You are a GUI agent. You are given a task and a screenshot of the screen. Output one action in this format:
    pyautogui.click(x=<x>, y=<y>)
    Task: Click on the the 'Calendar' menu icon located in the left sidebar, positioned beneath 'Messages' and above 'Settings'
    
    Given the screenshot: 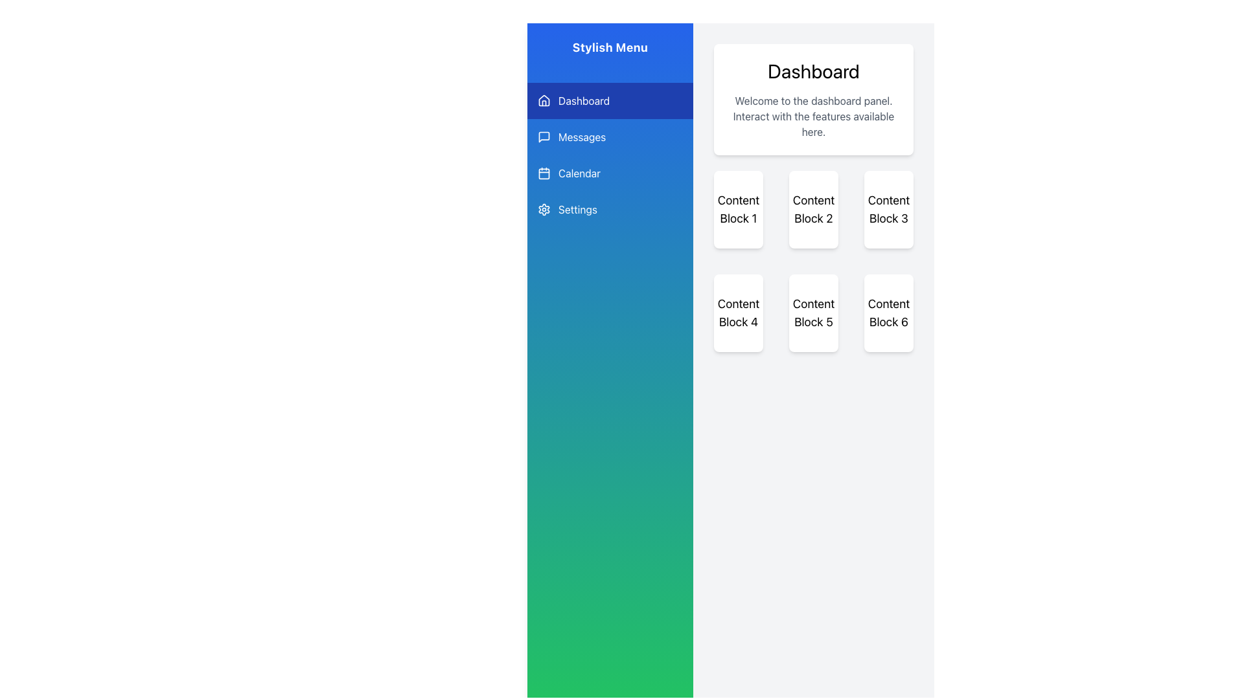 What is the action you would take?
    pyautogui.click(x=544, y=172)
    